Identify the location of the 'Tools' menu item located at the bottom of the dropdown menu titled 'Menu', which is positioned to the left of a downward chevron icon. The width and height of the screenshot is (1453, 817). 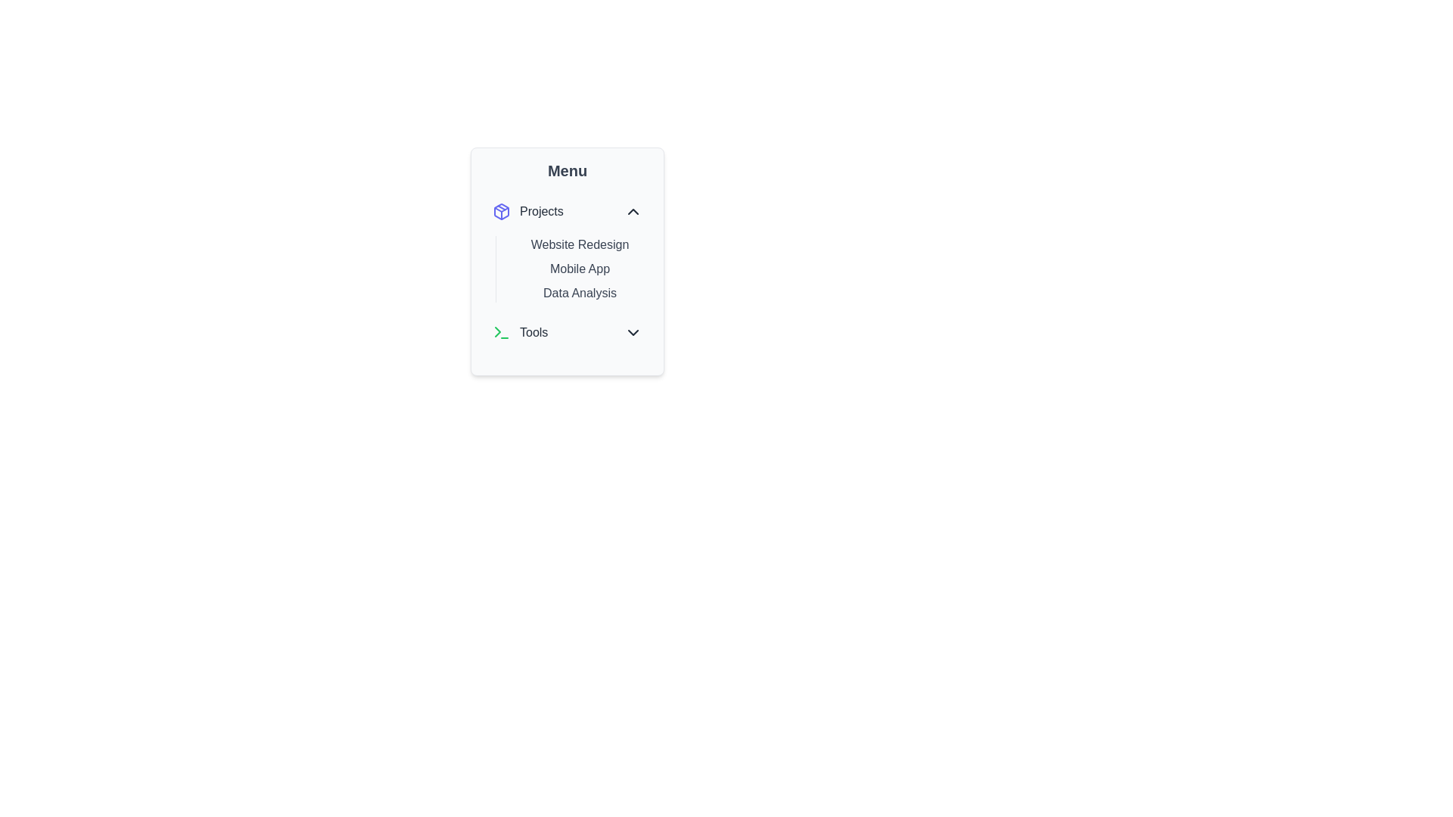
(520, 331).